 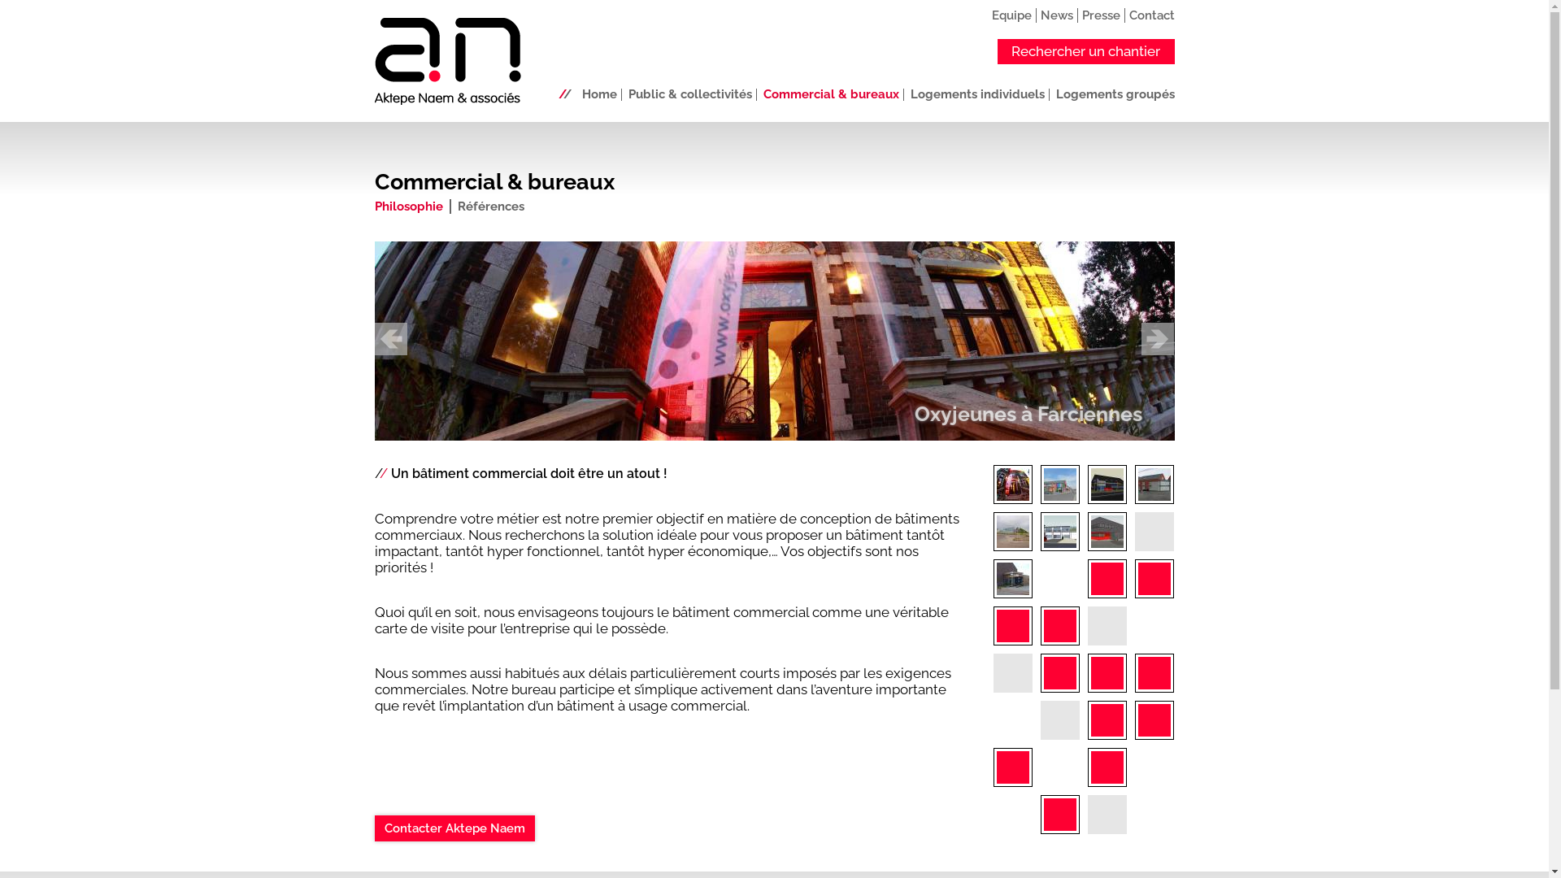 What do you see at coordinates (373, 206) in the screenshot?
I see `'Philosophie'` at bounding box center [373, 206].